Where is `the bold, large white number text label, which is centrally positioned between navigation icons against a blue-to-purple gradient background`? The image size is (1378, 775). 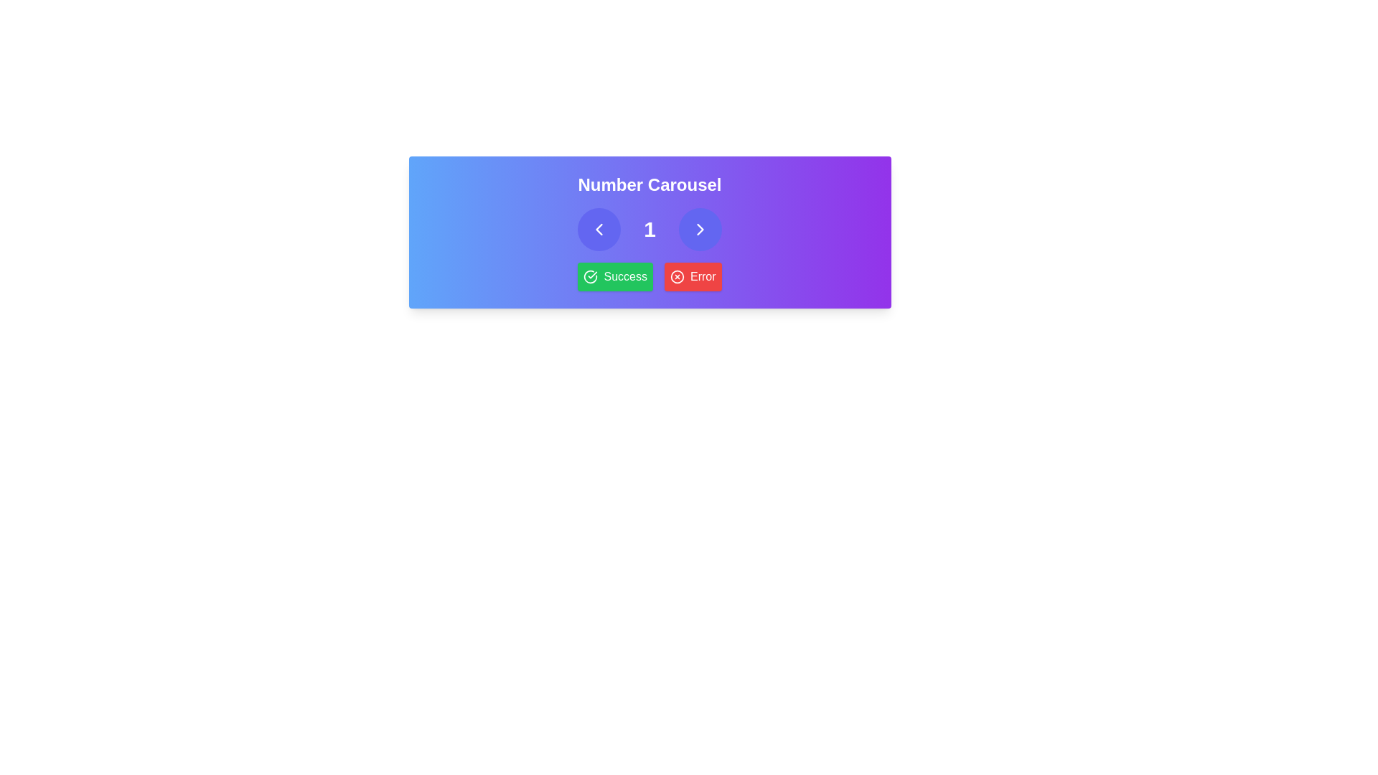
the bold, large white number text label, which is centrally positioned between navigation icons against a blue-to-purple gradient background is located at coordinates (649, 229).